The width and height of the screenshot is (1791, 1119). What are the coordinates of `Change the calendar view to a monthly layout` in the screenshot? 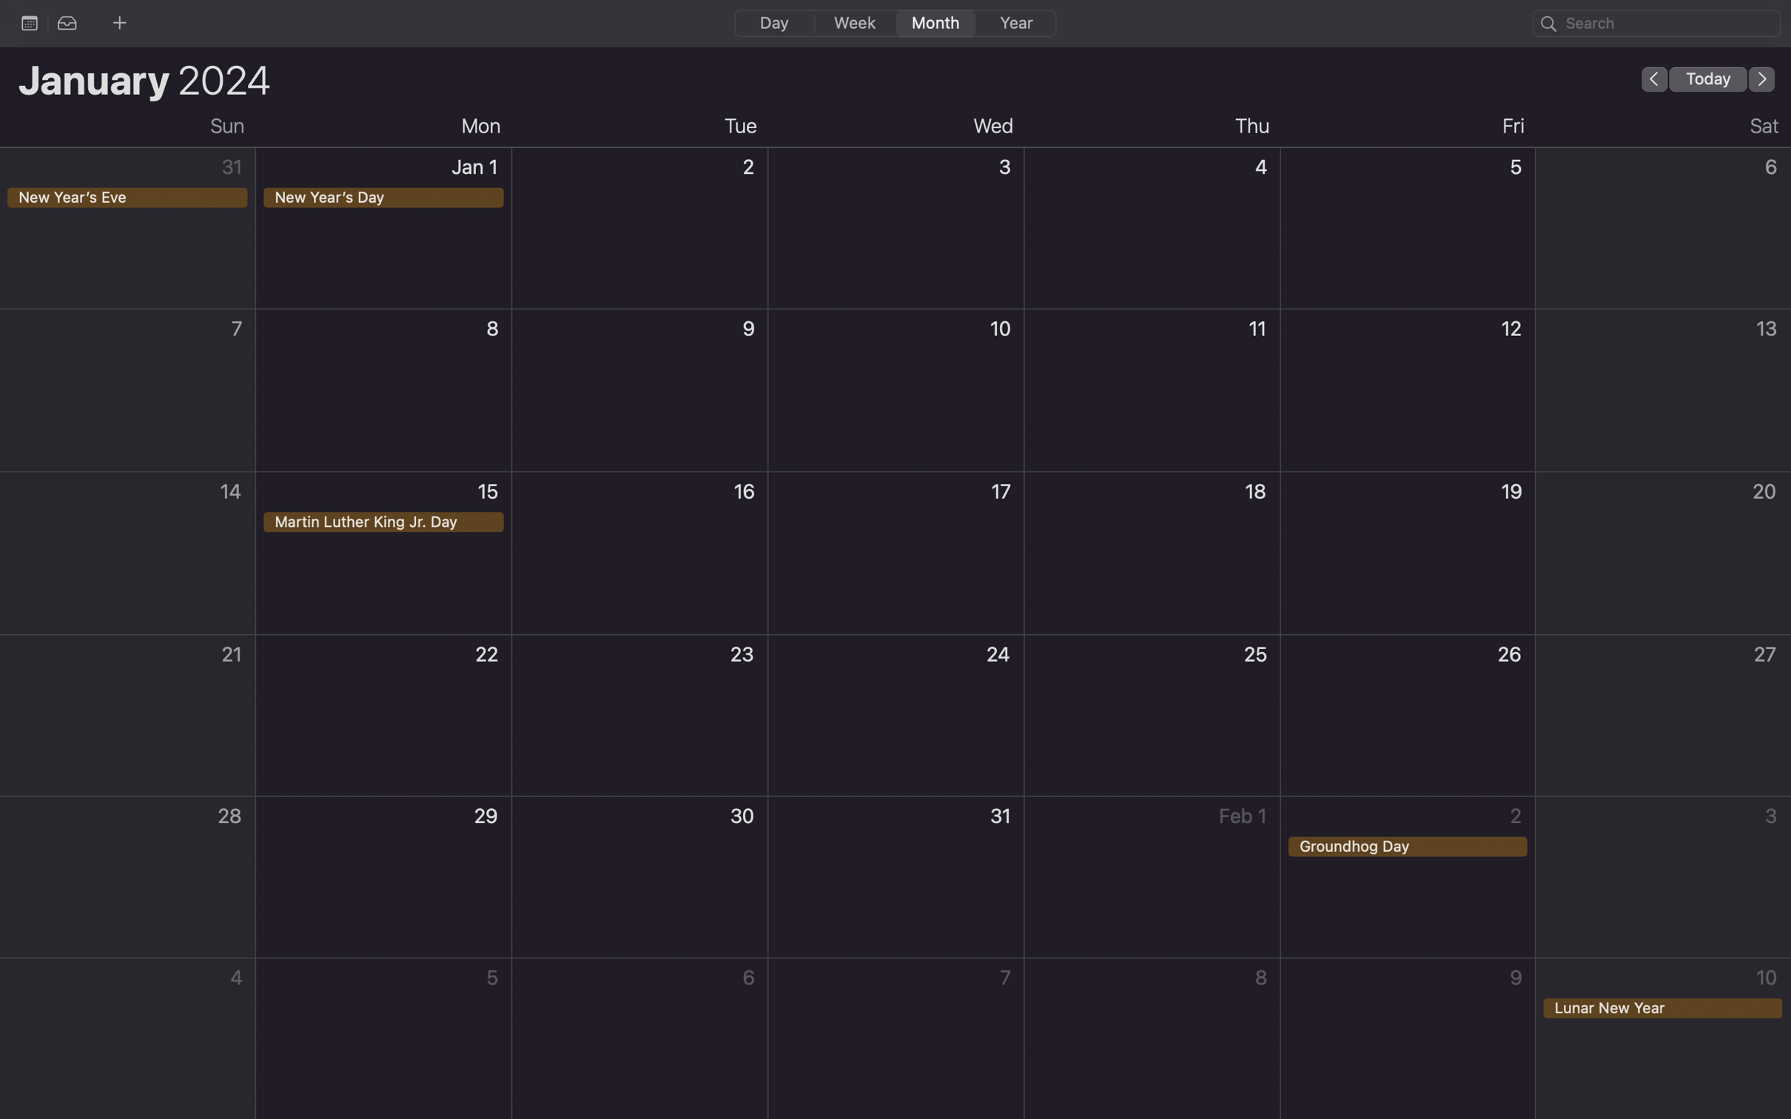 It's located at (933, 22).